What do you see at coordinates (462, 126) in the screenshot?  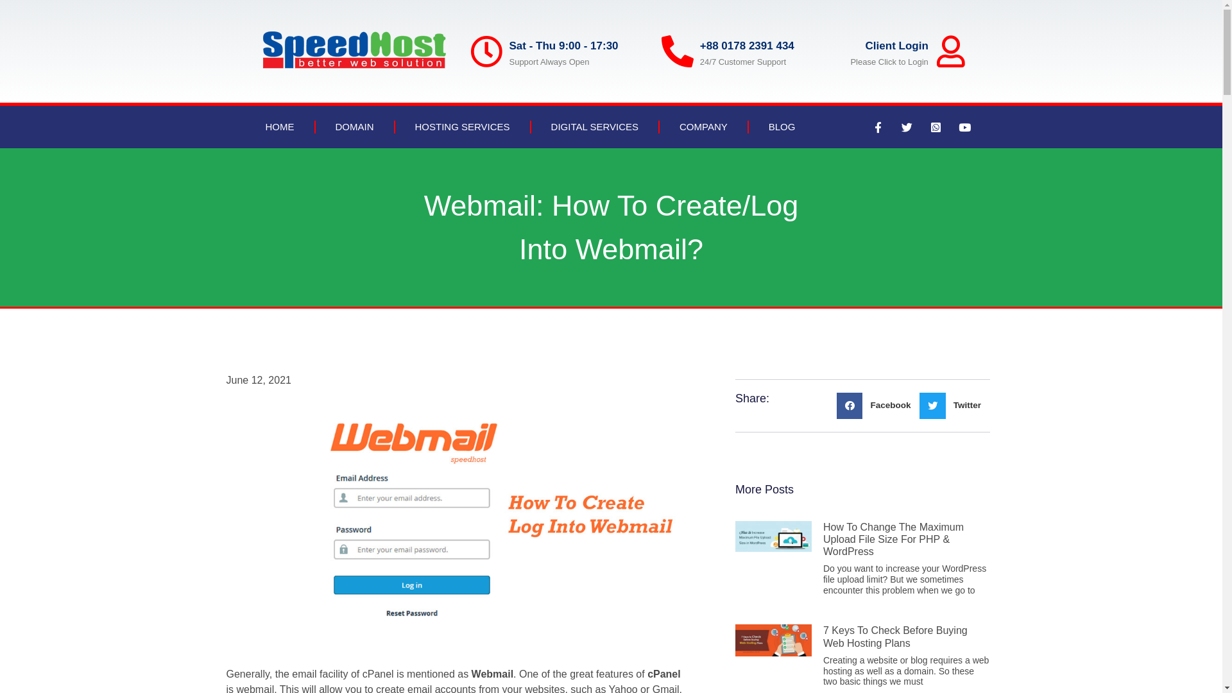 I see `'HOSTING SERVICES'` at bounding box center [462, 126].